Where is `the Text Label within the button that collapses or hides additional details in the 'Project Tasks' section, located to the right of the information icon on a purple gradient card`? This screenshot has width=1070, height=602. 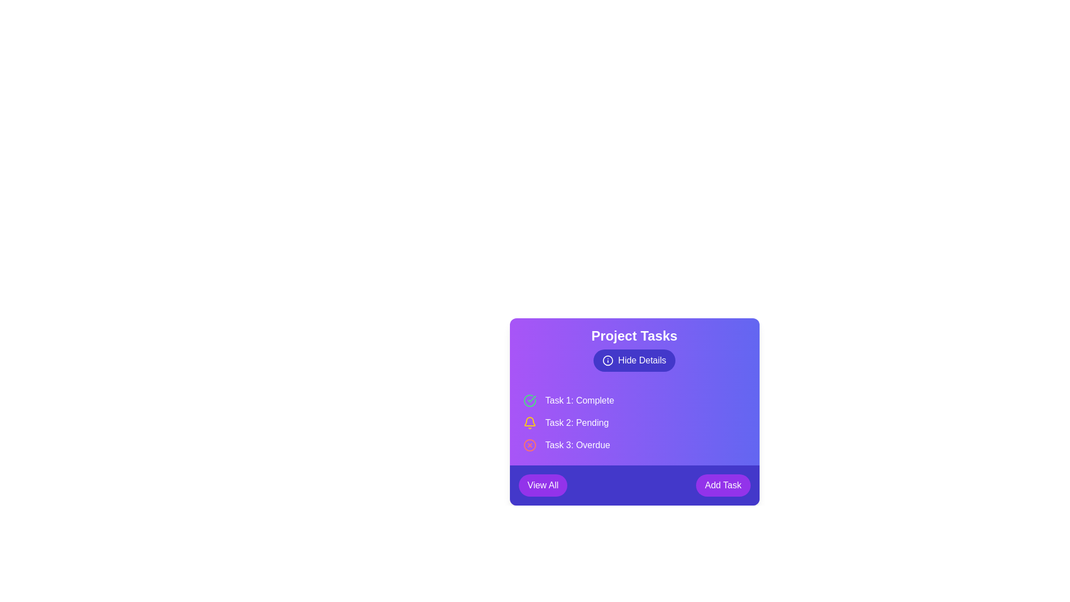 the Text Label within the button that collapses or hides additional details in the 'Project Tasks' section, located to the right of the information icon on a purple gradient card is located at coordinates (642, 361).